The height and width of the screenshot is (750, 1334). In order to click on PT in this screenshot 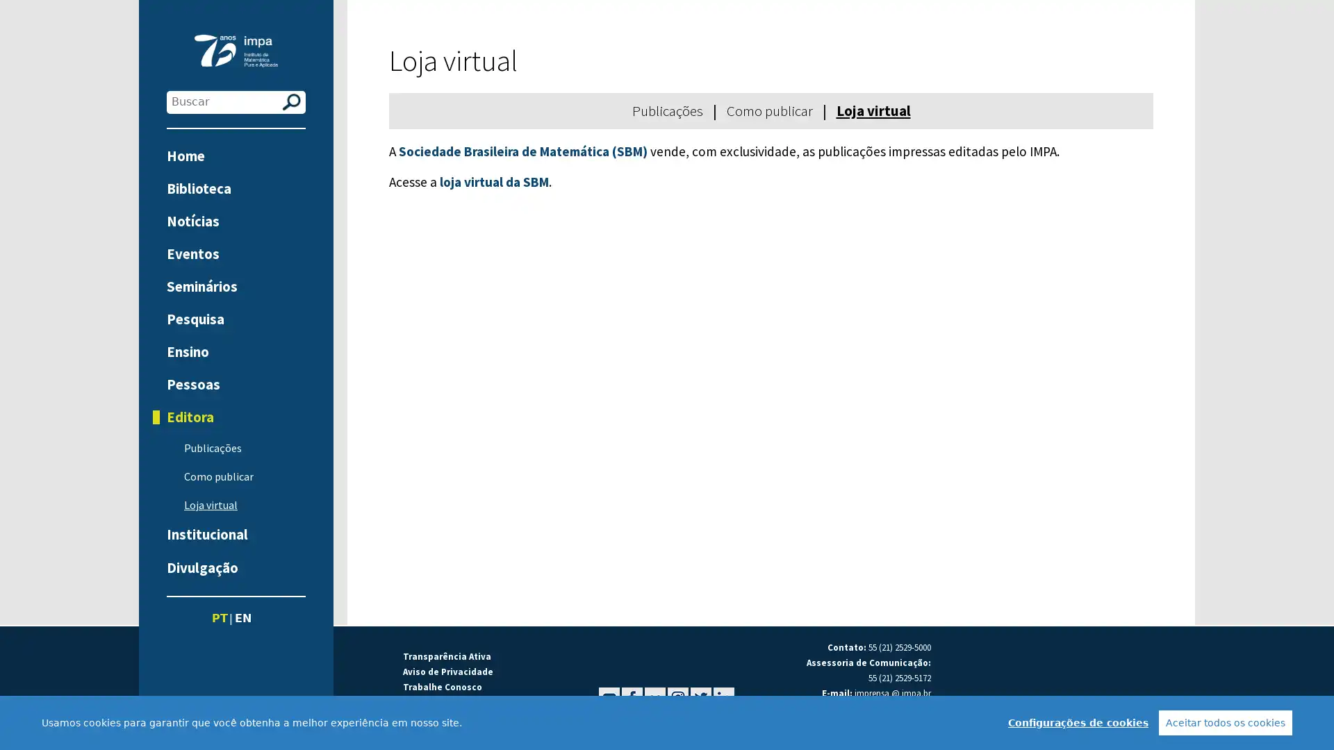, I will do `click(219, 617)`.